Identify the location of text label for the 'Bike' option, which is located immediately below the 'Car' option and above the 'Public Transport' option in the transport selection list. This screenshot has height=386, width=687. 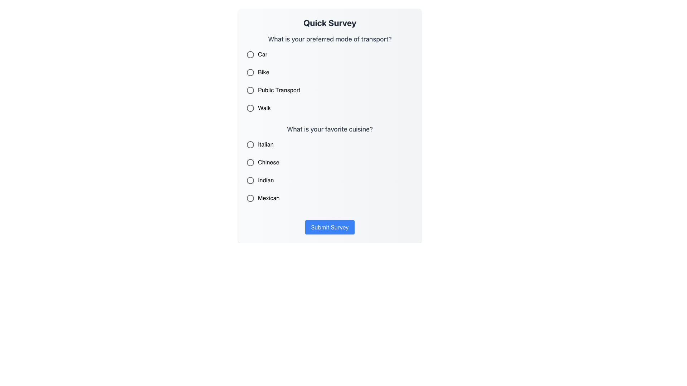
(263, 73).